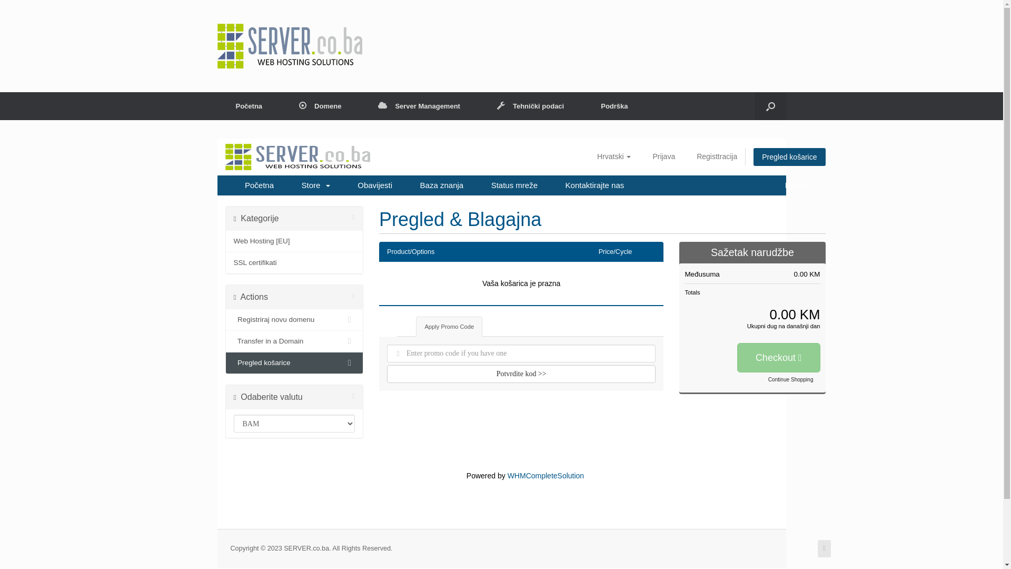  What do you see at coordinates (419, 106) in the screenshot?
I see `'Server Management'` at bounding box center [419, 106].